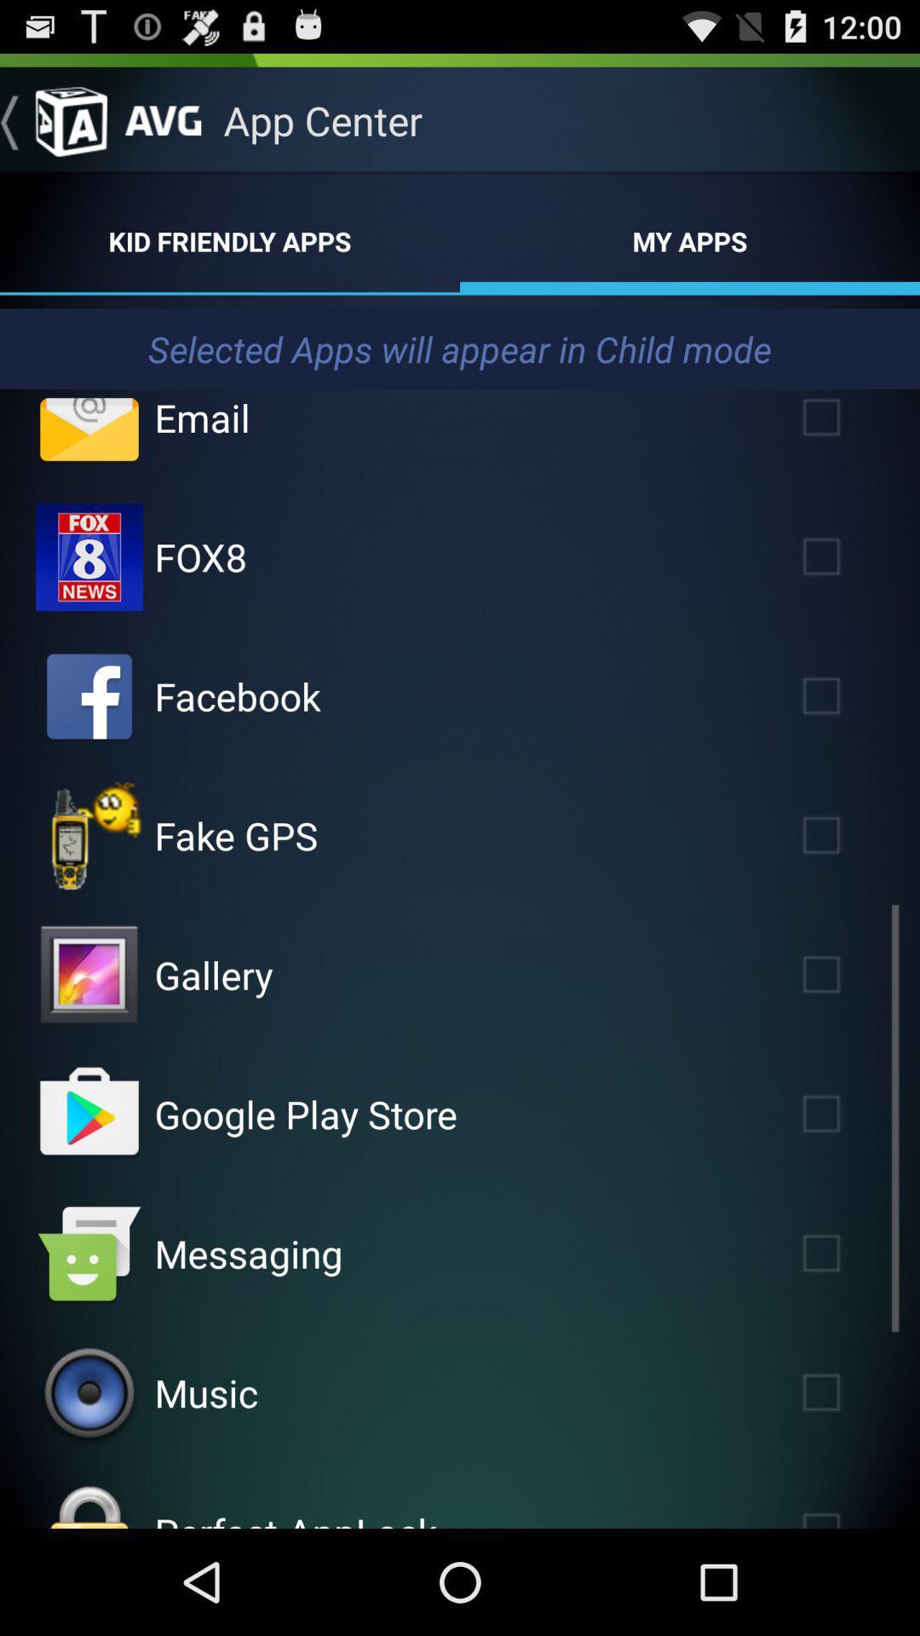 The width and height of the screenshot is (920, 1636). What do you see at coordinates (846, 975) in the screenshot?
I see `opens app in child mode` at bounding box center [846, 975].